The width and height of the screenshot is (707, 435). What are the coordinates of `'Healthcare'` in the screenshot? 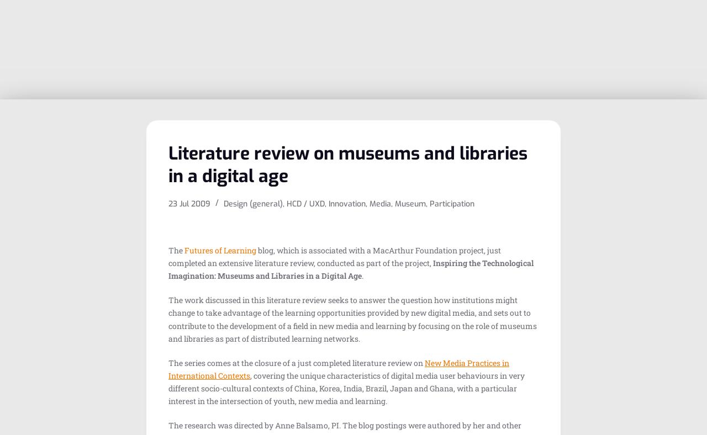 It's located at (418, 177).